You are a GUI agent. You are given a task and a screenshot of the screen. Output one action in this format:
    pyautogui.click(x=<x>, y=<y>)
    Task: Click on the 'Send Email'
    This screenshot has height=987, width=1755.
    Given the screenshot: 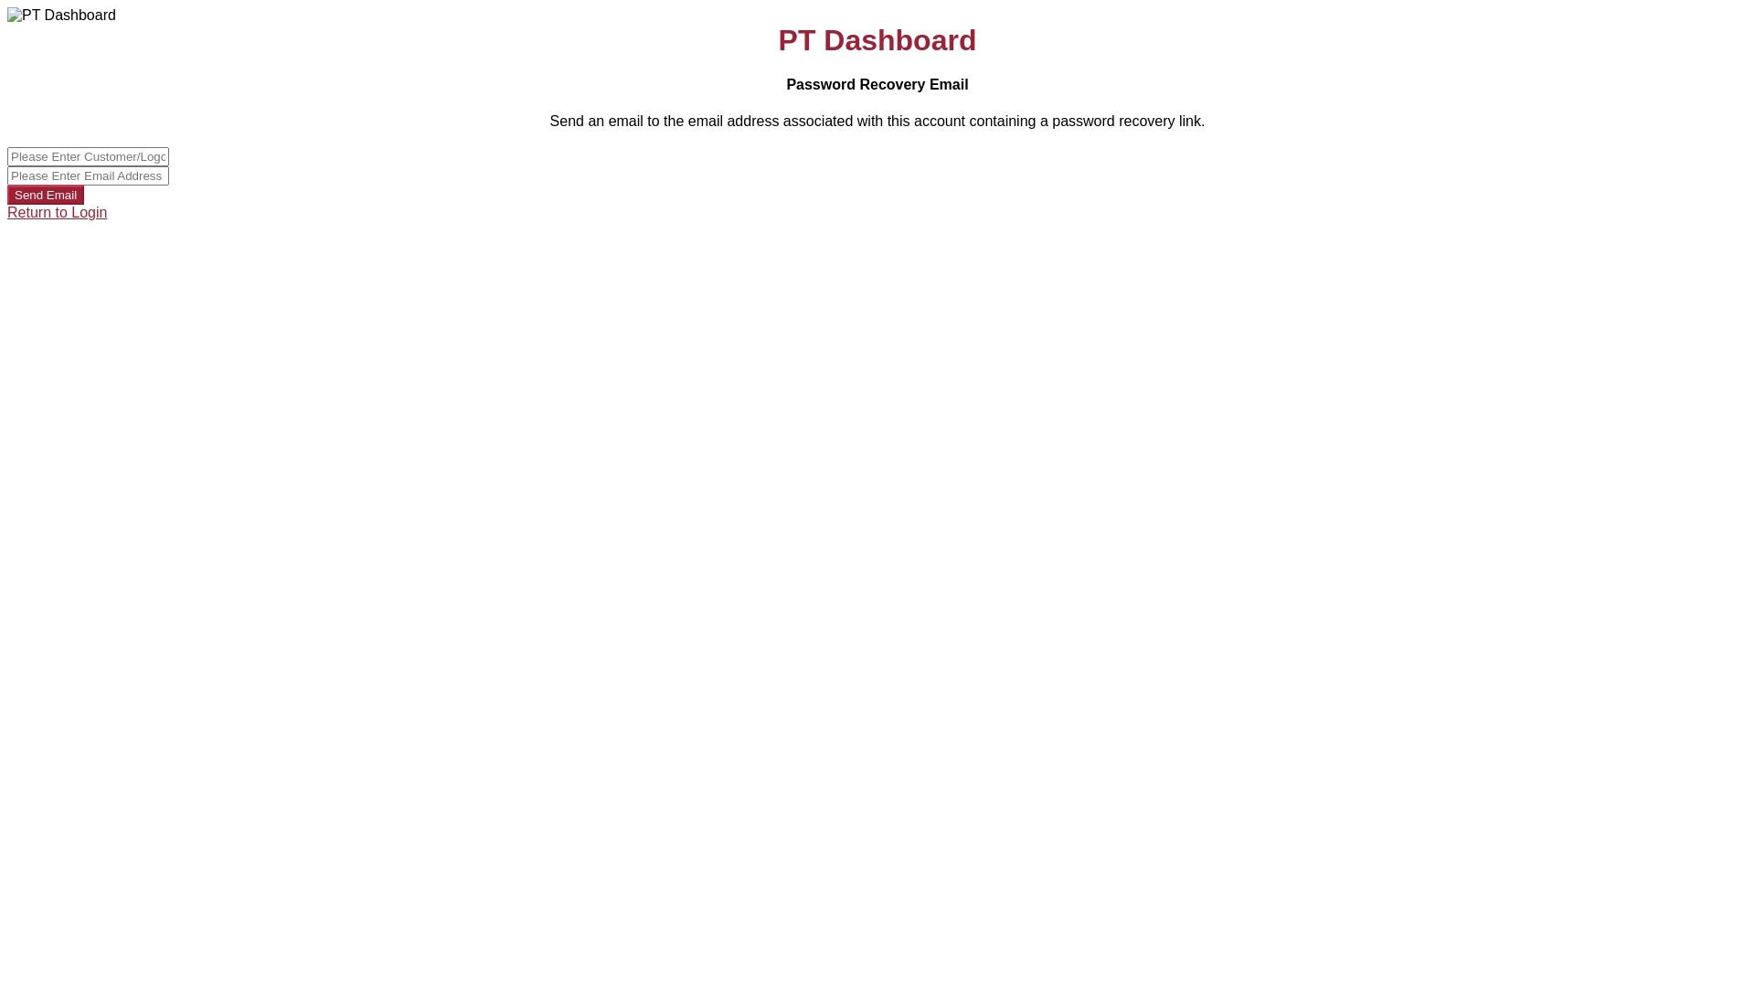 What is the action you would take?
    pyautogui.click(x=45, y=195)
    